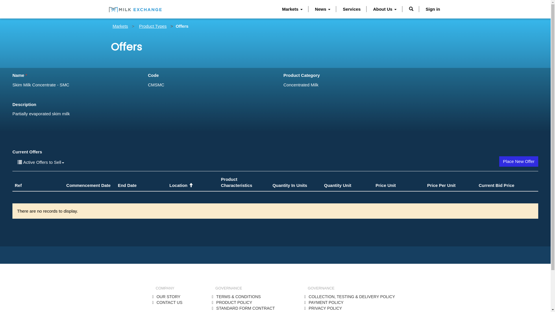 This screenshot has width=555, height=312. What do you see at coordinates (411, 9) in the screenshot?
I see `'Search'` at bounding box center [411, 9].